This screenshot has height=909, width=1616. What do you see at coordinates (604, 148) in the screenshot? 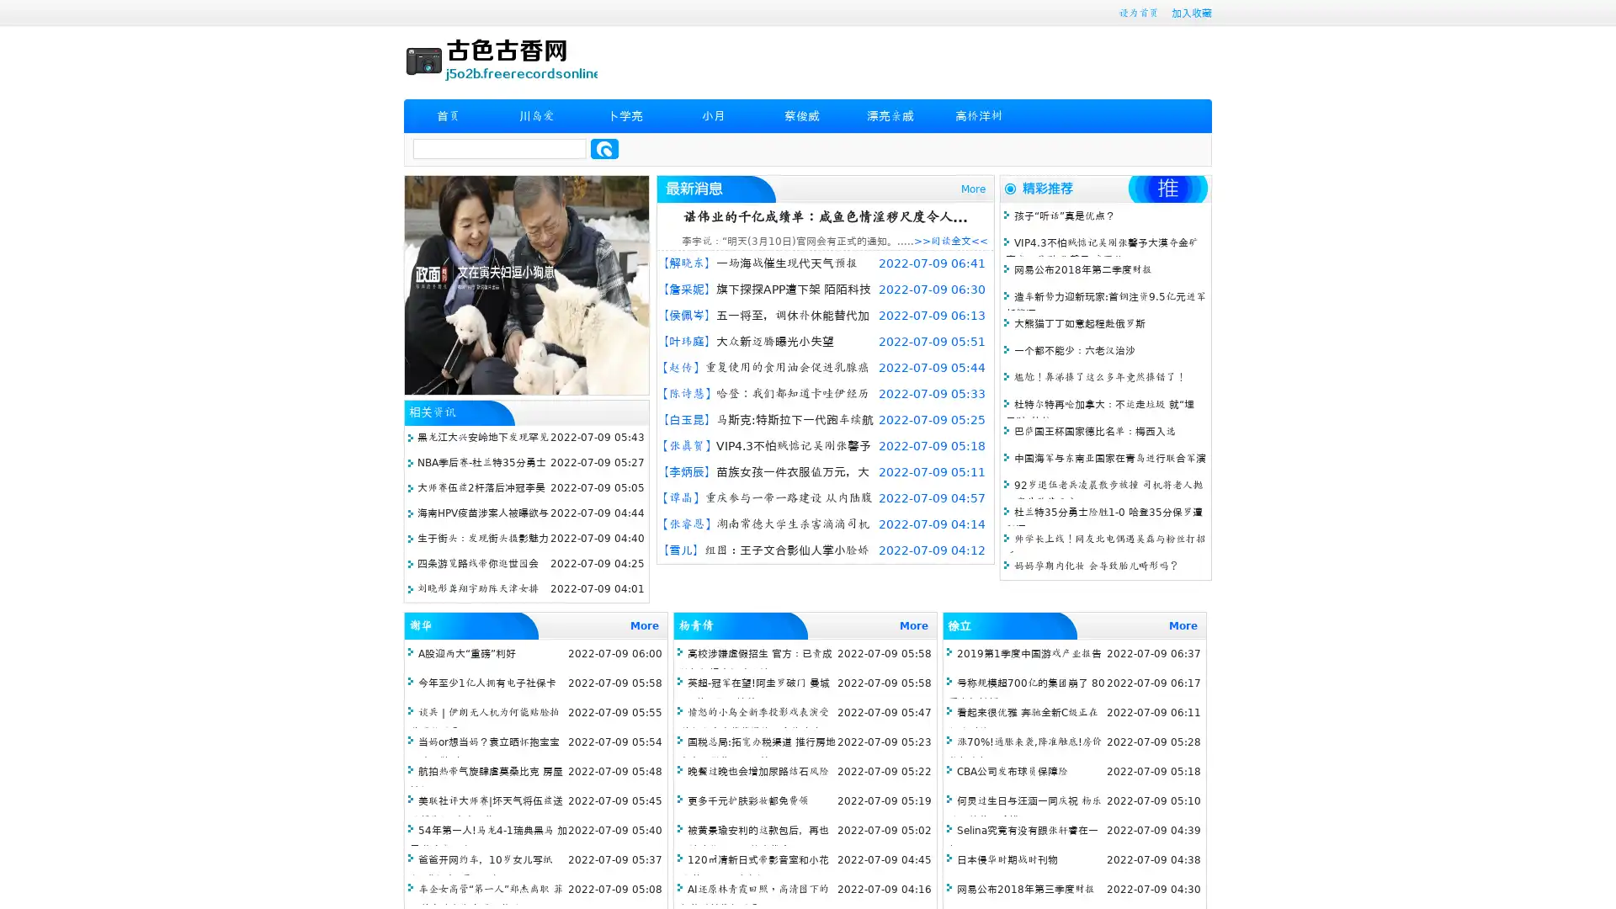
I see `Search` at bounding box center [604, 148].